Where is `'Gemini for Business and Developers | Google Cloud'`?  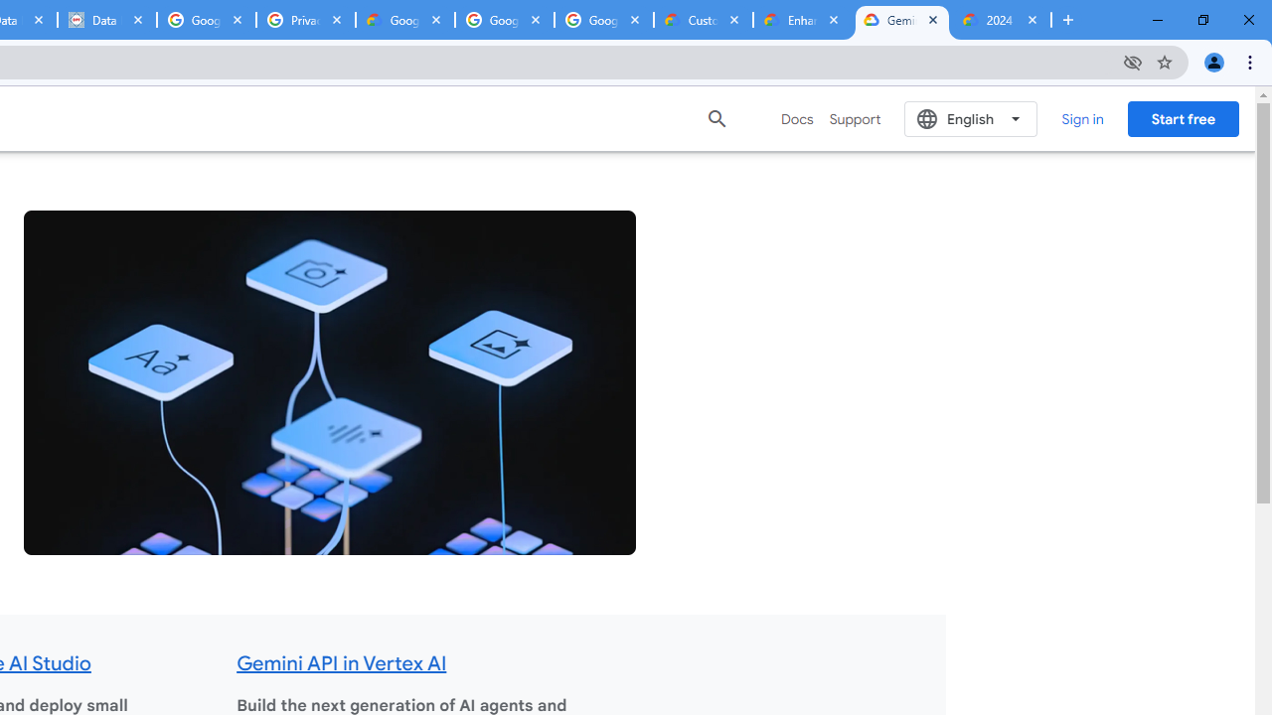
'Gemini for Business and Developers | Google Cloud' is located at coordinates (900, 20).